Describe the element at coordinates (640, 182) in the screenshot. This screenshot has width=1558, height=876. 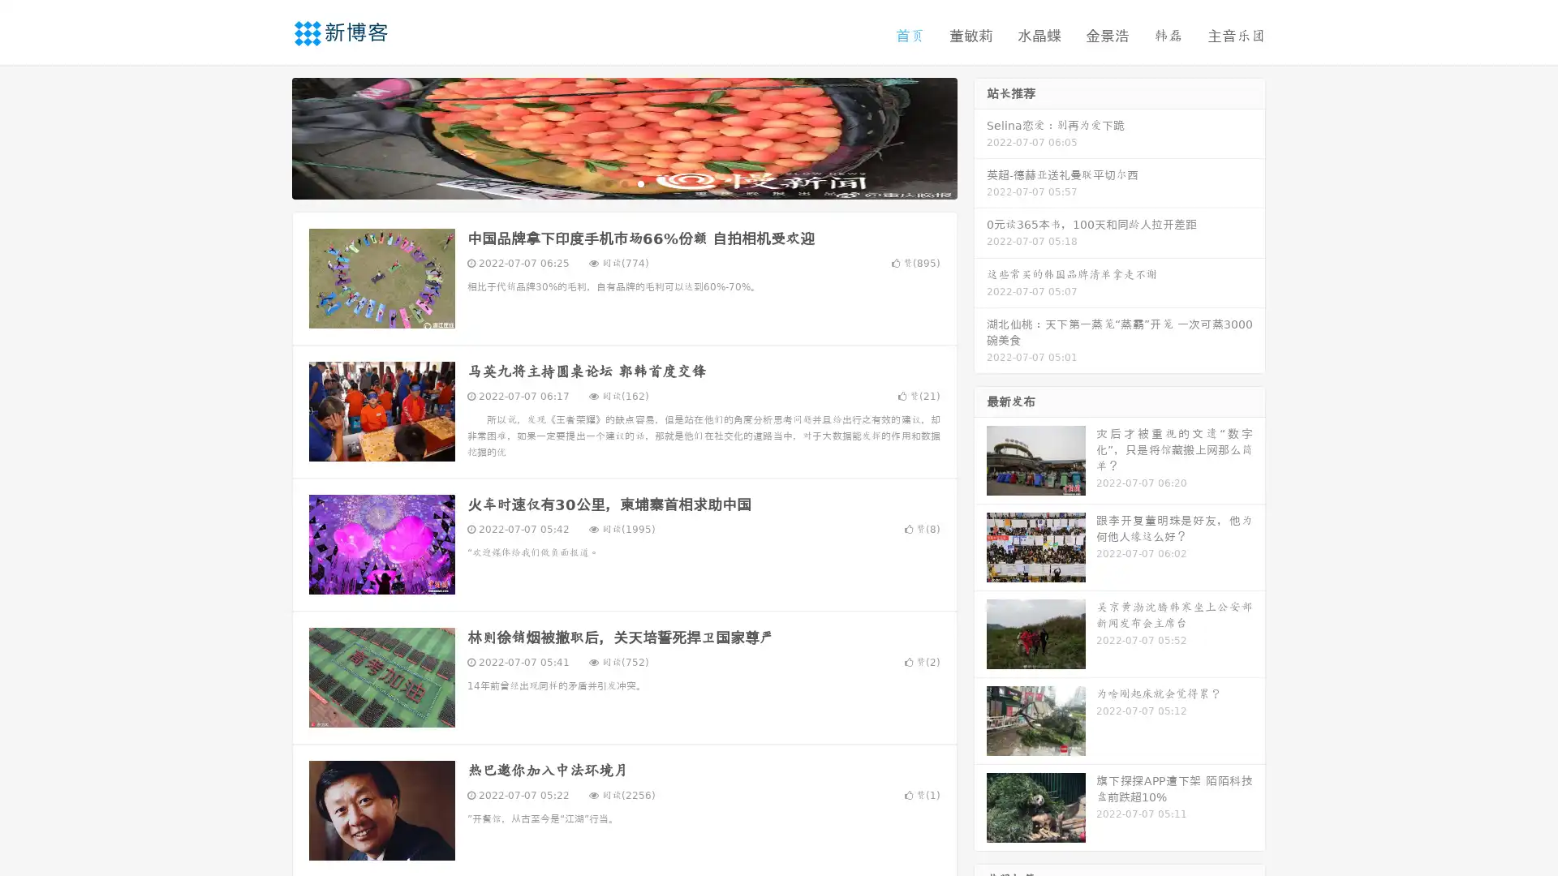
I see `Go to slide 3` at that location.